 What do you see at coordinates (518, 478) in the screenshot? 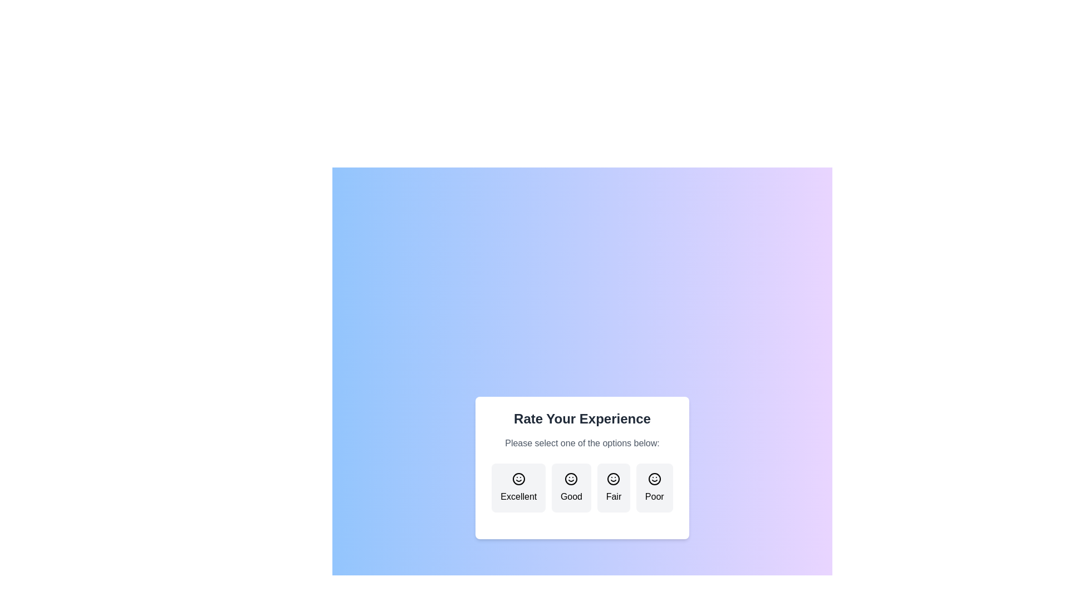
I see `the circular outline smiley face icon that is part of the interactive rating system, positioned above the 'Excellent' label` at bounding box center [518, 478].